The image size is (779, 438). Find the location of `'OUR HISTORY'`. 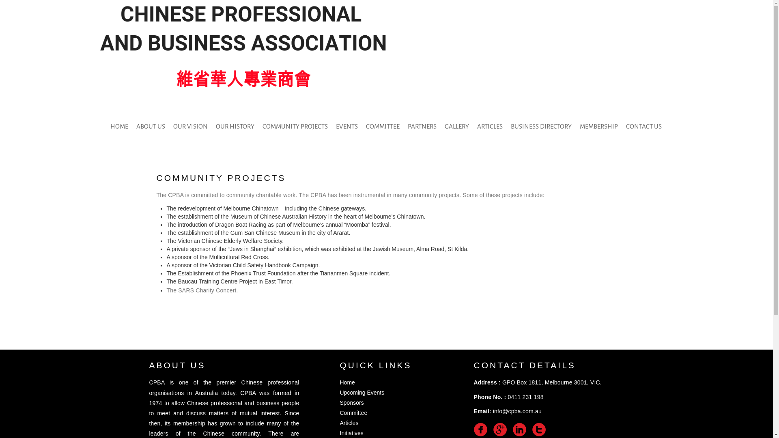

'OUR HISTORY' is located at coordinates (235, 127).